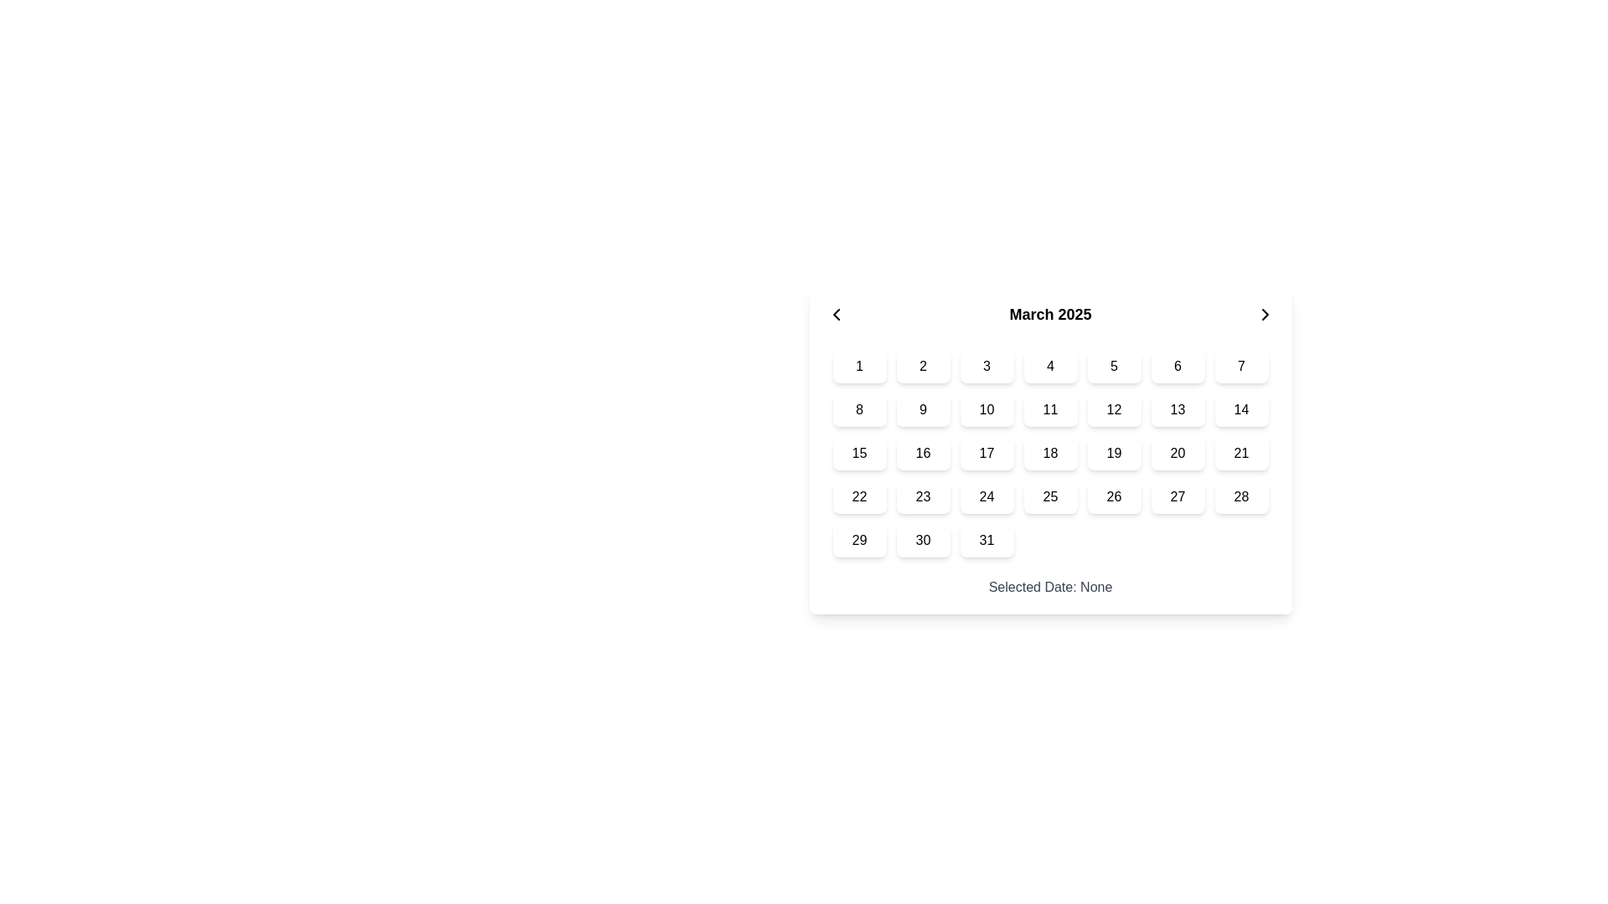 This screenshot has width=1608, height=904. Describe the element at coordinates (1265, 314) in the screenshot. I see `the small rightward-pointing chevron icon located to the immediate right of the text 'March 2025'` at that location.